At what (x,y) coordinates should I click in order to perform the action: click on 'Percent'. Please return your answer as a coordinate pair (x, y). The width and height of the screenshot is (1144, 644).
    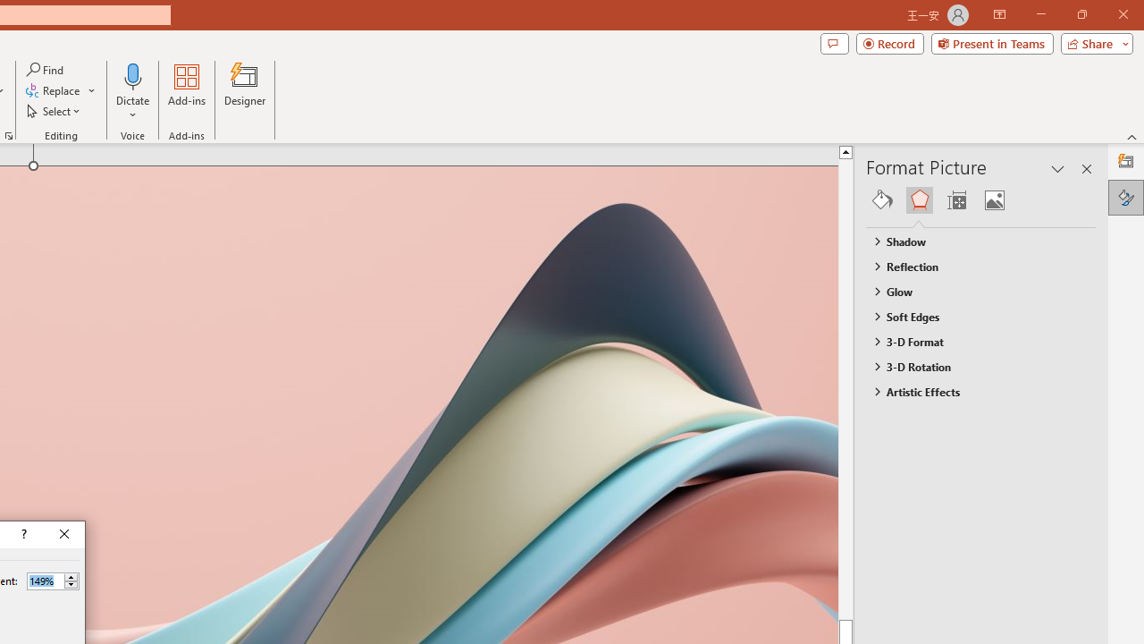
    Looking at the image, I should click on (45, 580).